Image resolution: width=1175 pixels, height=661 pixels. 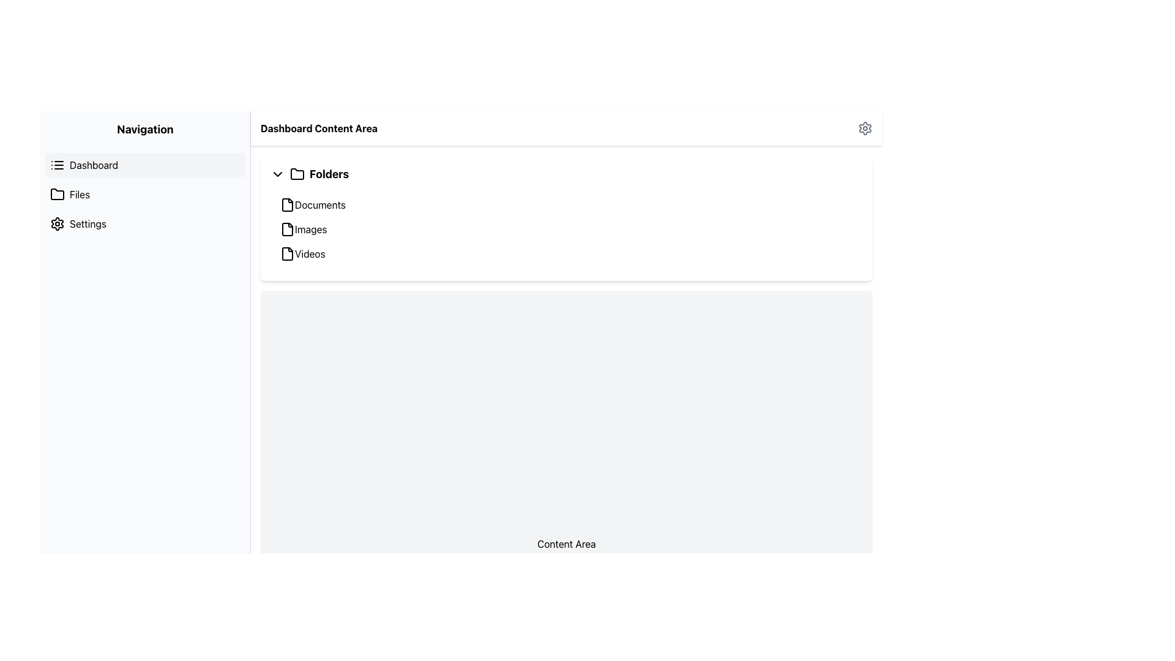 I want to click on the third navigation item in the vertical menu on the left side of the interface, so click(x=145, y=224).